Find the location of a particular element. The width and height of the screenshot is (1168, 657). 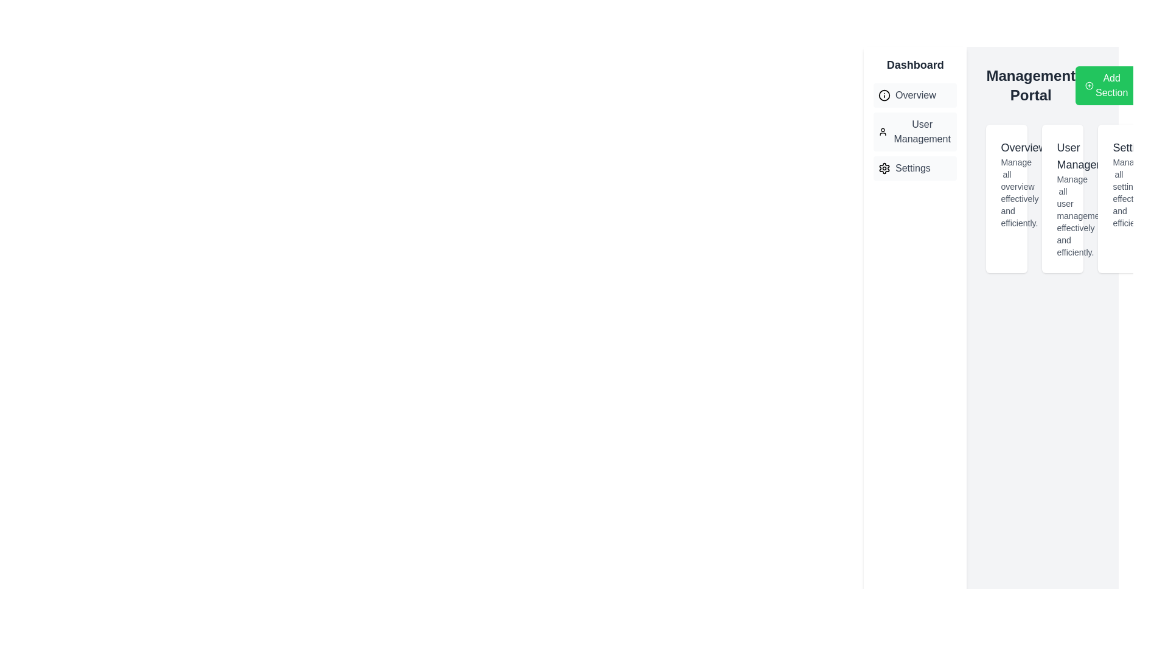

the 'Settings' text label, which is a prominent dark gray label styled with a medium font size, located at the top of a card-like section is located at coordinates (1119, 147).